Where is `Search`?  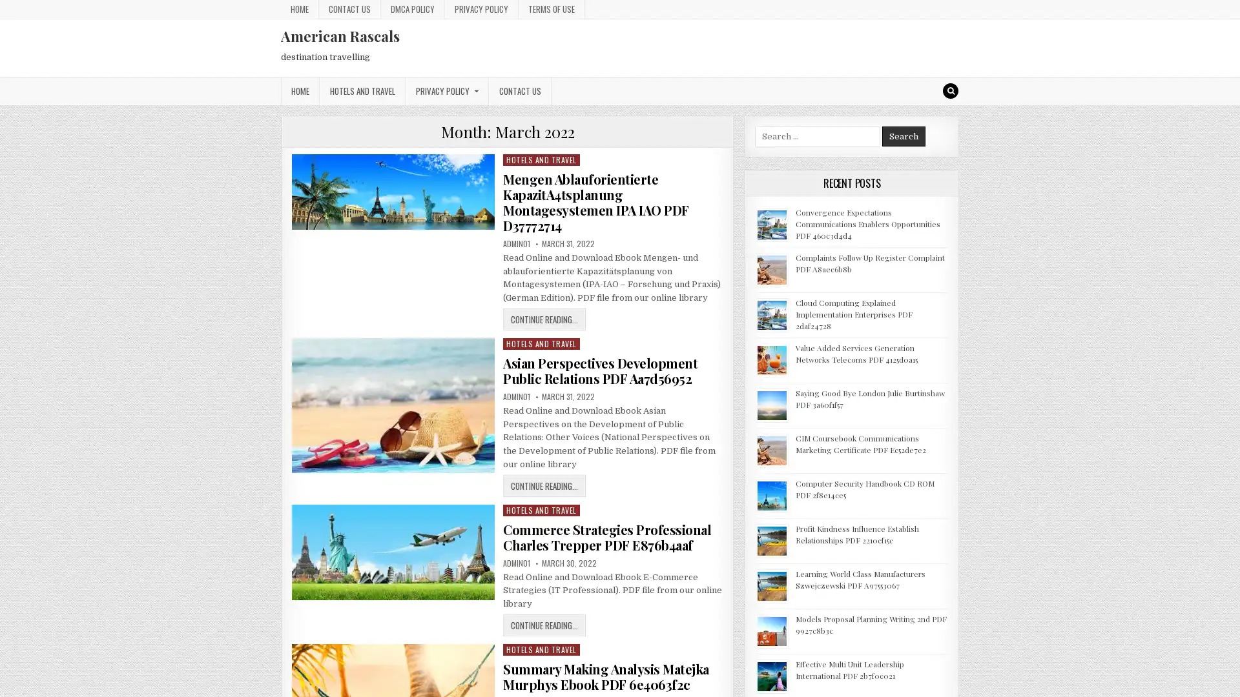 Search is located at coordinates (903, 136).